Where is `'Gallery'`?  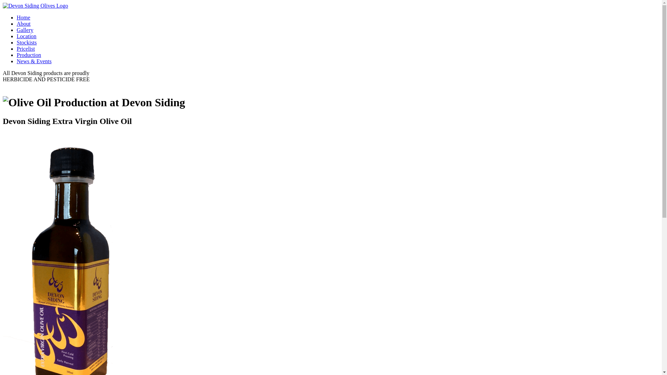
'Gallery' is located at coordinates (17, 30).